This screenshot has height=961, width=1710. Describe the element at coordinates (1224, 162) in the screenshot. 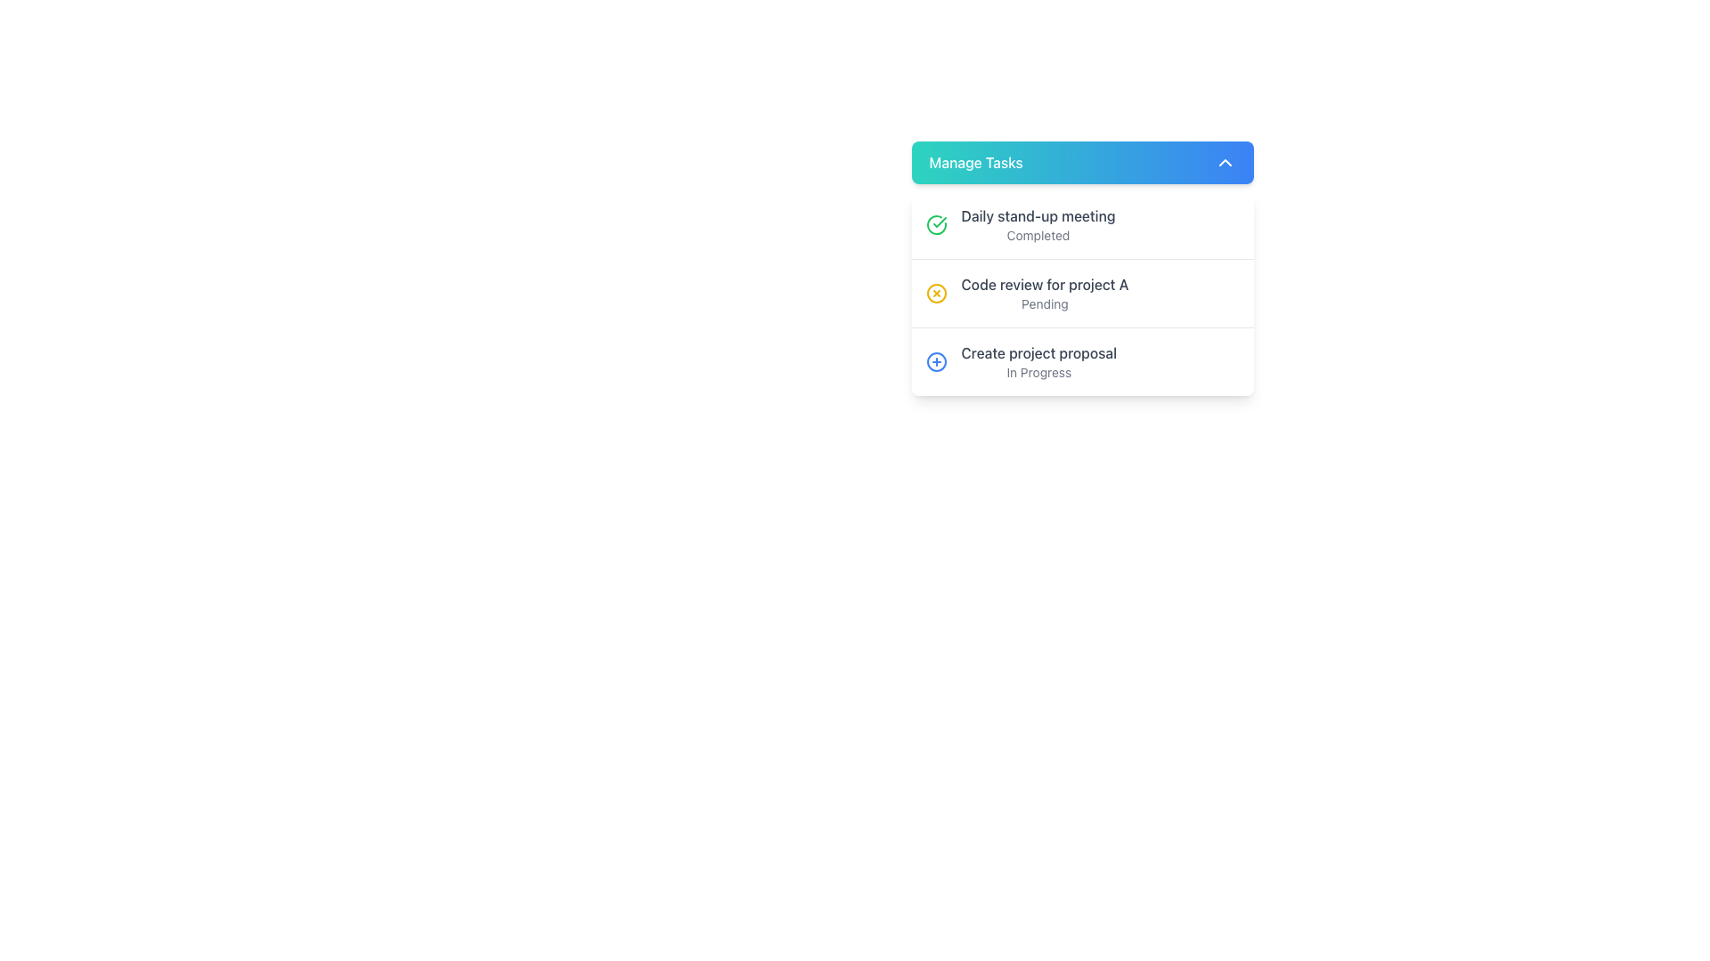

I see `the toggle icon in the 'Manage Tasks' section header to change the visibility of additional content` at that location.